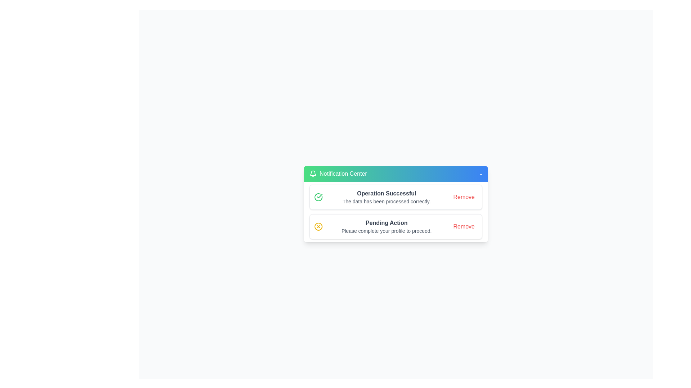 The width and height of the screenshot is (691, 388). What do you see at coordinates (386, 201) in the screenshot?
I see `displayed text of the message confirming the successful processing of data, located beneath the header 'Operation Successful' in the top notification entry` at bounding box center [386, 201].